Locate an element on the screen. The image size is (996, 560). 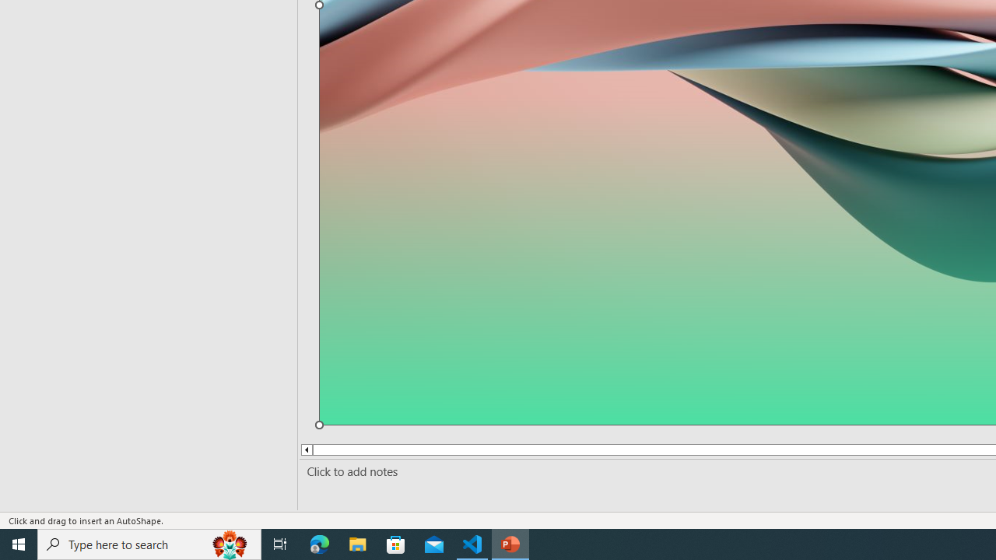
'File Explorer' is located at coordinates (357, 543).